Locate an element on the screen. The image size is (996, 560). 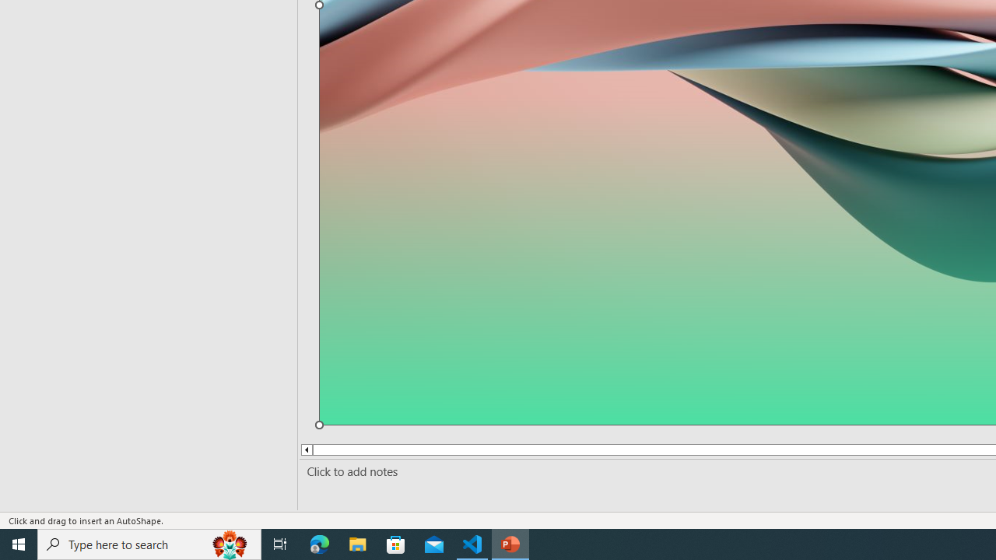
'File Explorer' is located at coordinates (357, 543).